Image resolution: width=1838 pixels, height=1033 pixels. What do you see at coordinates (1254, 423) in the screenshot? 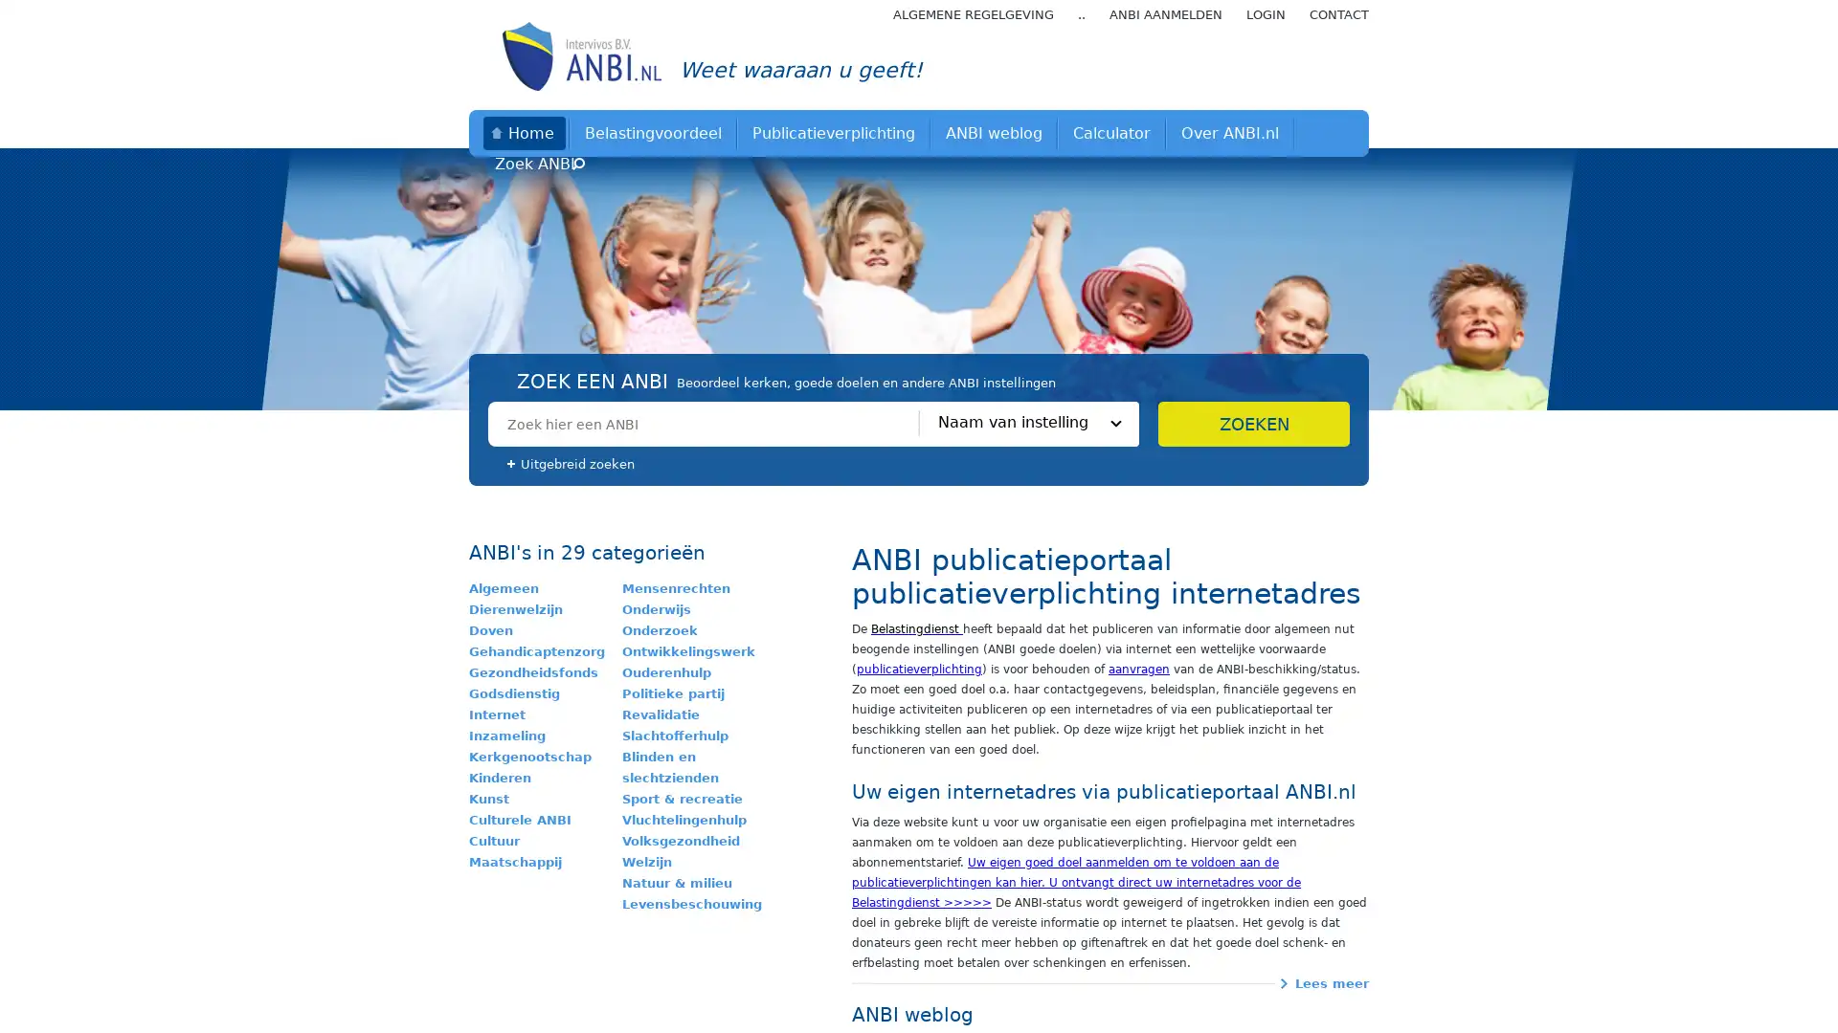
I see `ZOEKEN` at bounding box center [1254, 423].